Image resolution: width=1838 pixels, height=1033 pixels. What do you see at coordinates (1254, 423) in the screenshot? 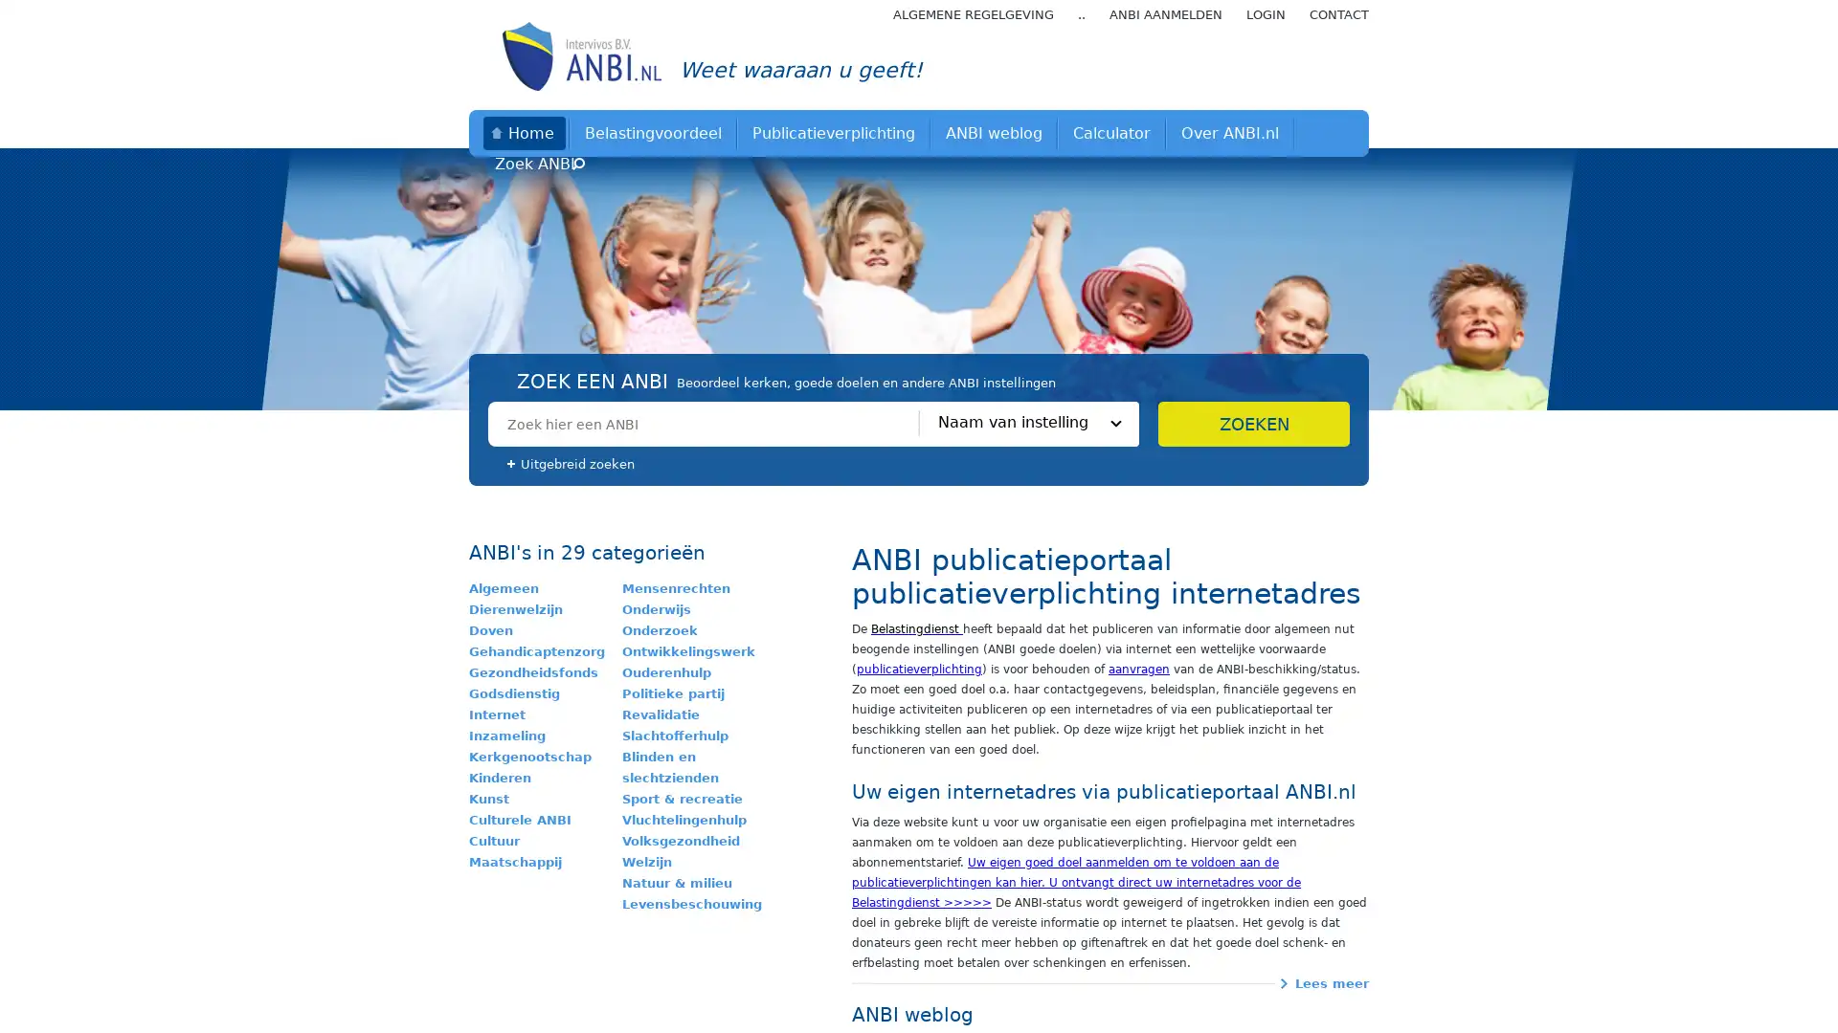
I see `ZOEKEN` at bounding box center [1254, 423].